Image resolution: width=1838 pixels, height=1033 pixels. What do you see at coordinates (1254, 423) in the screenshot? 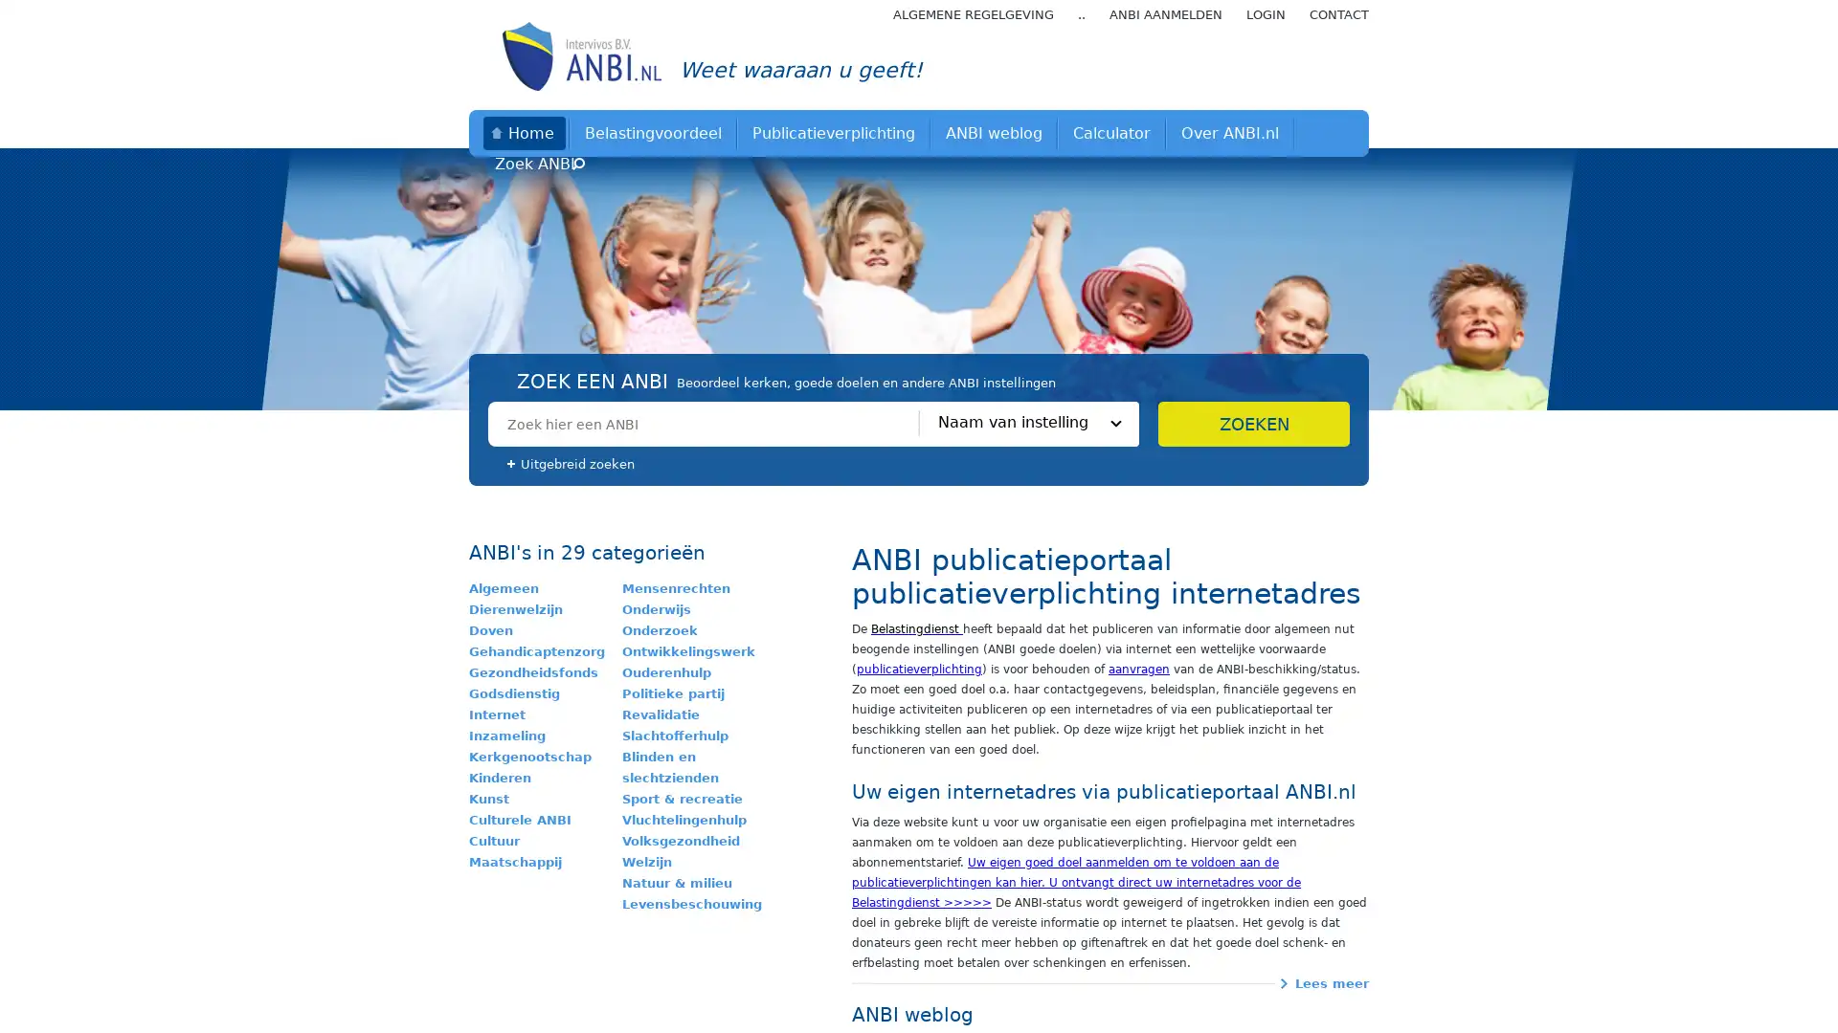
I see `ZOEKEN` at bounding box center [1254, 423].